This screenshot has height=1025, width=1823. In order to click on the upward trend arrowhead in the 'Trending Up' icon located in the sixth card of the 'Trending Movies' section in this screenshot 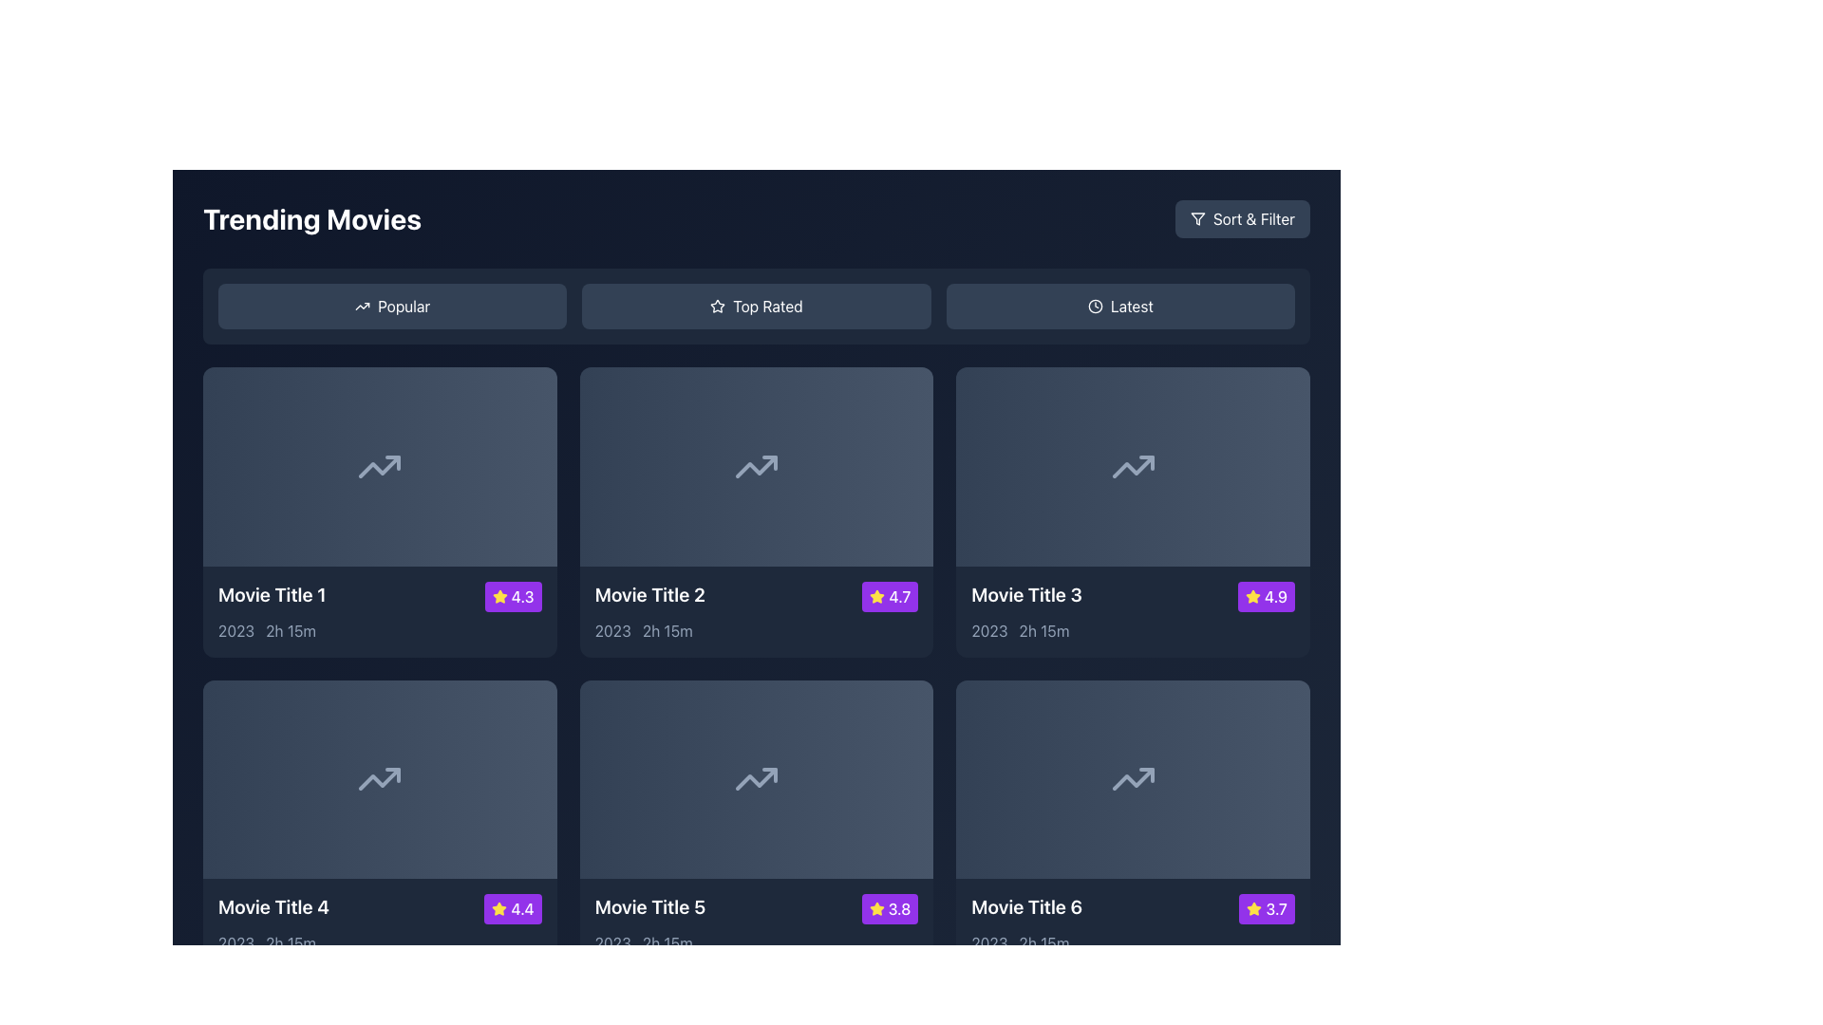, I will do `click(1145, 775)`.